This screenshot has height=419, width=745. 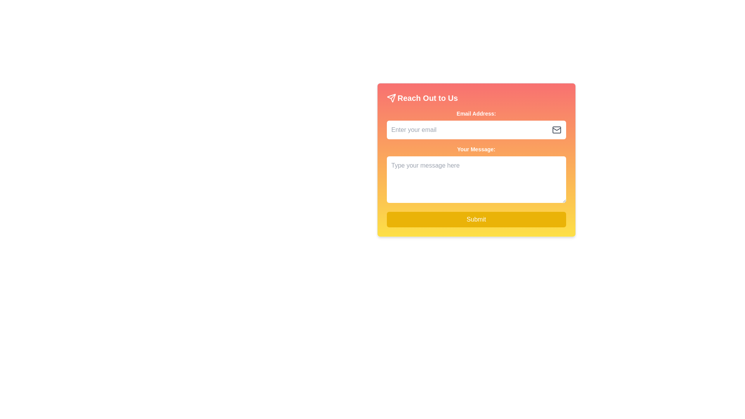 I want to click on the label that indicates the multi-line text input field for entering messages, located directly above the input field in the contact form, so click(x=476, y=149).